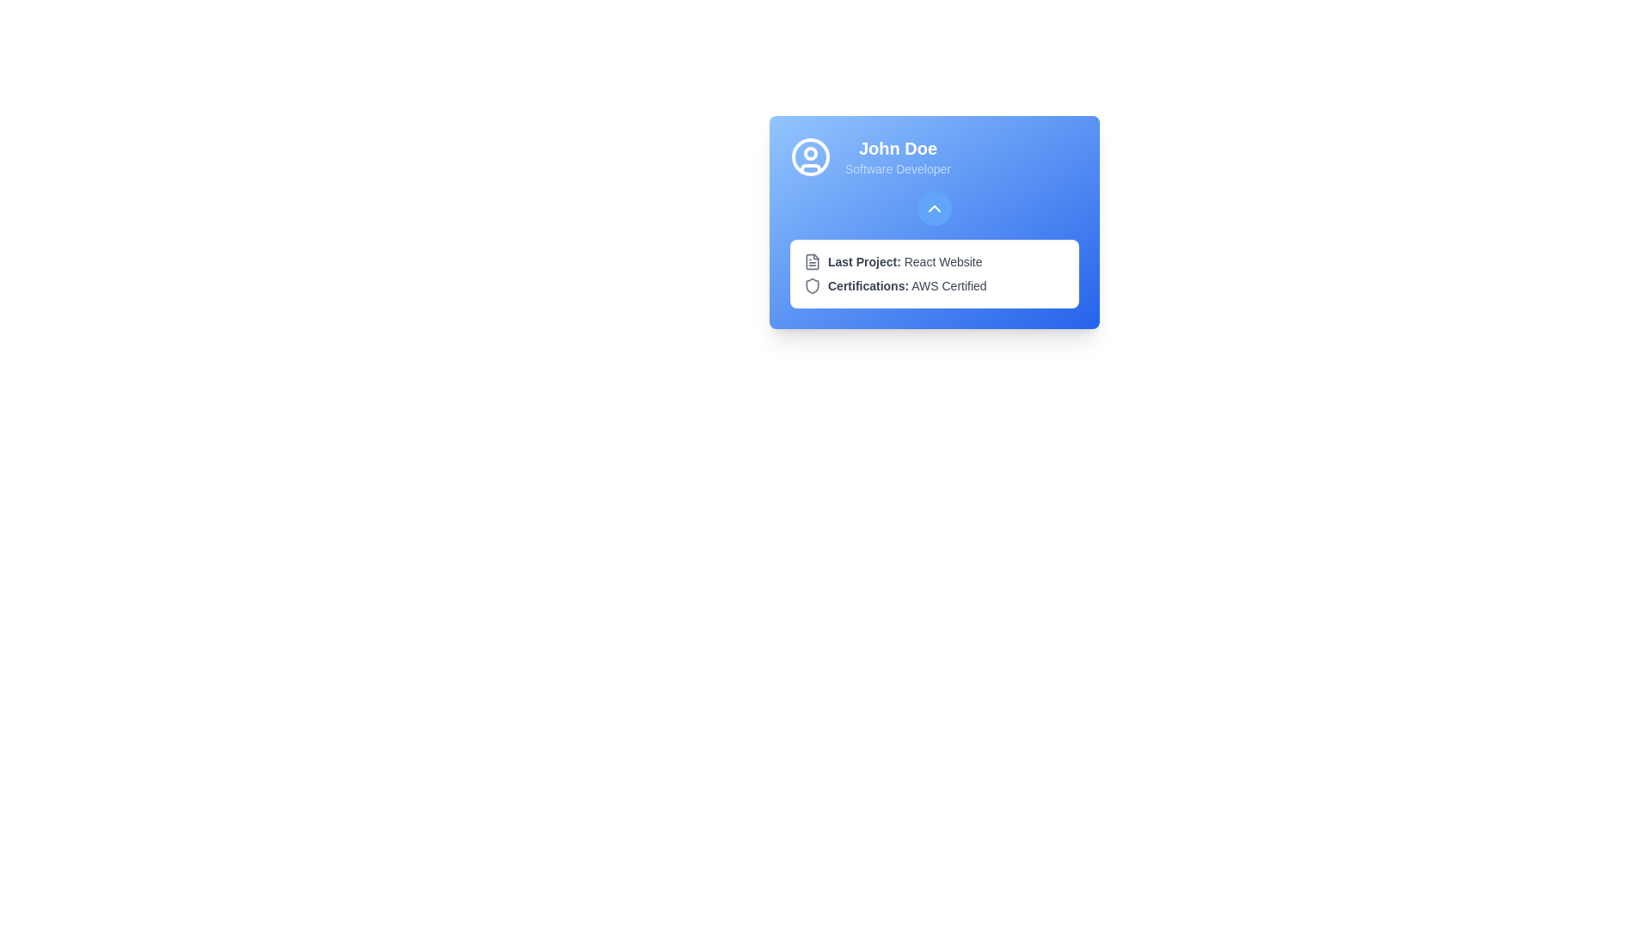 The width and height of the screenshot is (1651, 928). What do you see at coordinates (897, 148) in the screenshot?
I see `text from the 'John Doe' text label, which is styled in bold white font and positioned as the primary label in a card layout above the 'Software Developer' text` at bounding box center [897, 148].